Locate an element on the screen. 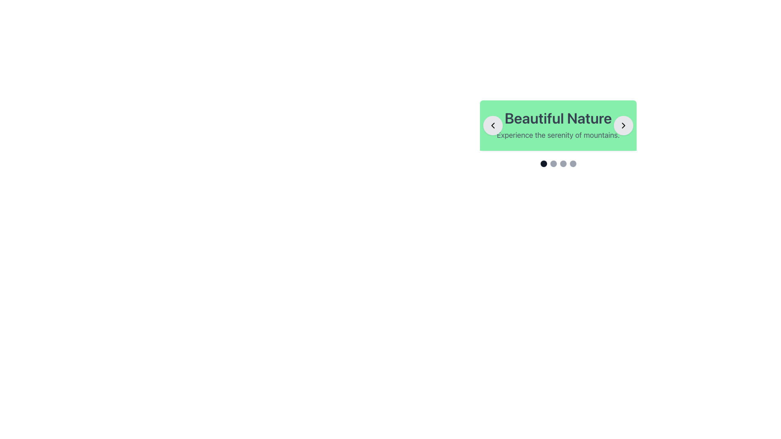 This screenshot has width=781, height=439. the second dot of the Carousel indicator, which is light gray and located centrally below the green section with the headline 'Beautiful Nature' is located at coordinates (558, 163).